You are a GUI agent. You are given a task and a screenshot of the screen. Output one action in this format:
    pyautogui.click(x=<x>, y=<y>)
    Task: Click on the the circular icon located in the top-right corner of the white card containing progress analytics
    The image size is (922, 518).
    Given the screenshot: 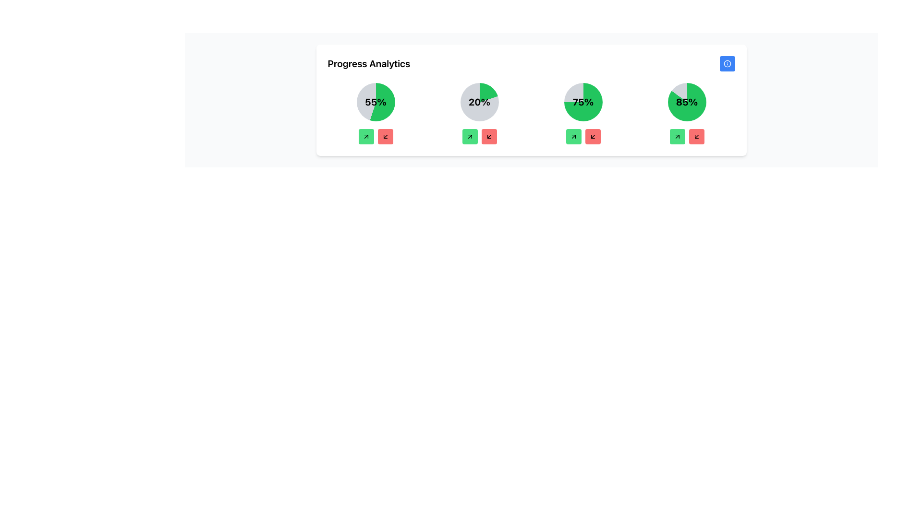 What is the action you would take?
    pyautogui.click(x=727, y=63)
    